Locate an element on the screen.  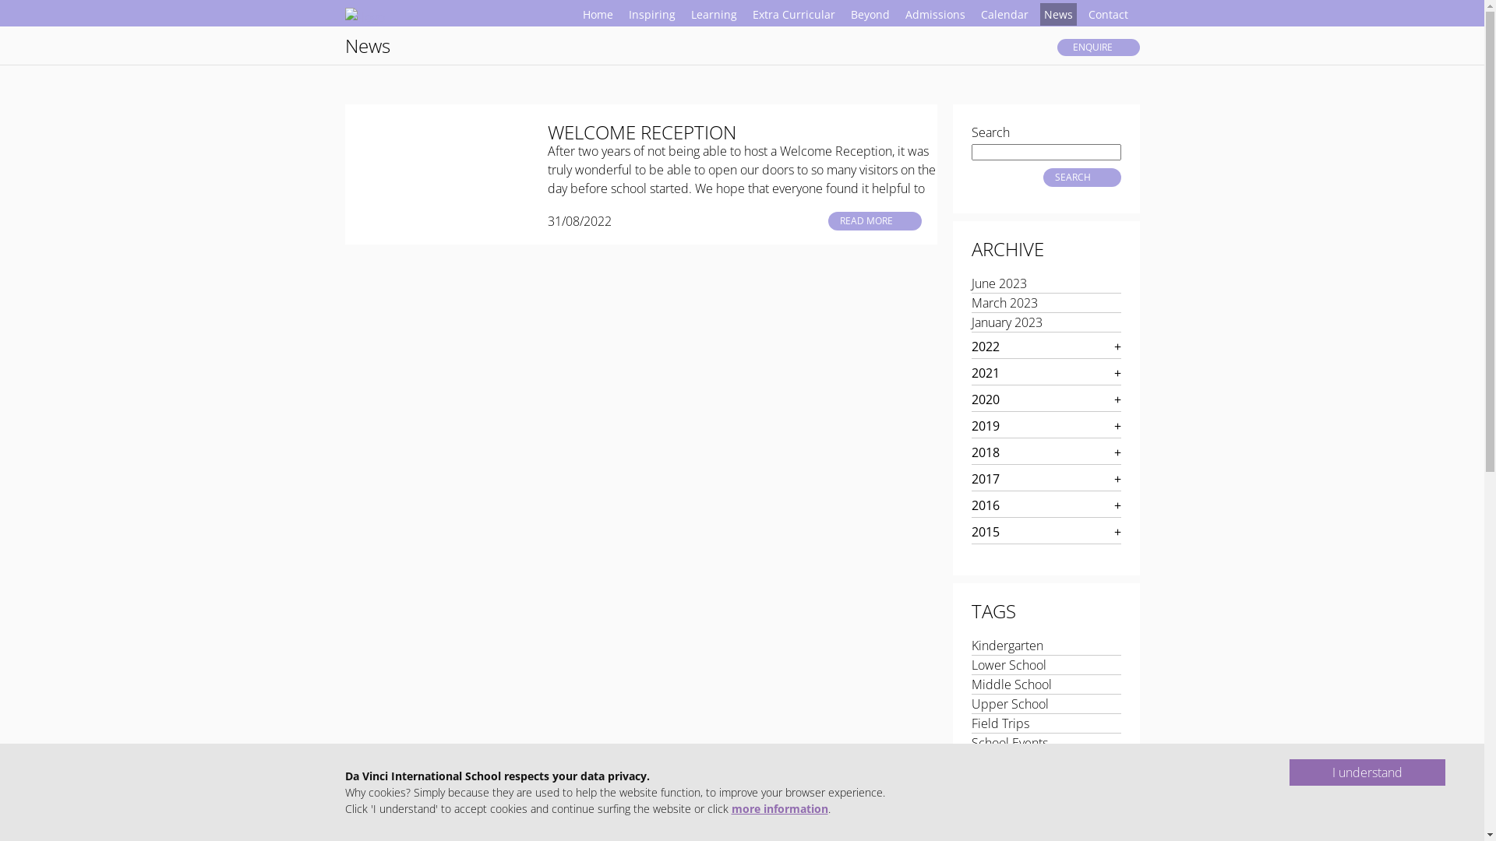
'Lower School' is located at coordinates (1008, 664).